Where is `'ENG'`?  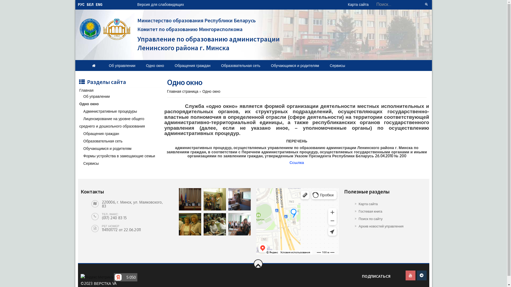
'ENG' is located at coordinates (99, 5).